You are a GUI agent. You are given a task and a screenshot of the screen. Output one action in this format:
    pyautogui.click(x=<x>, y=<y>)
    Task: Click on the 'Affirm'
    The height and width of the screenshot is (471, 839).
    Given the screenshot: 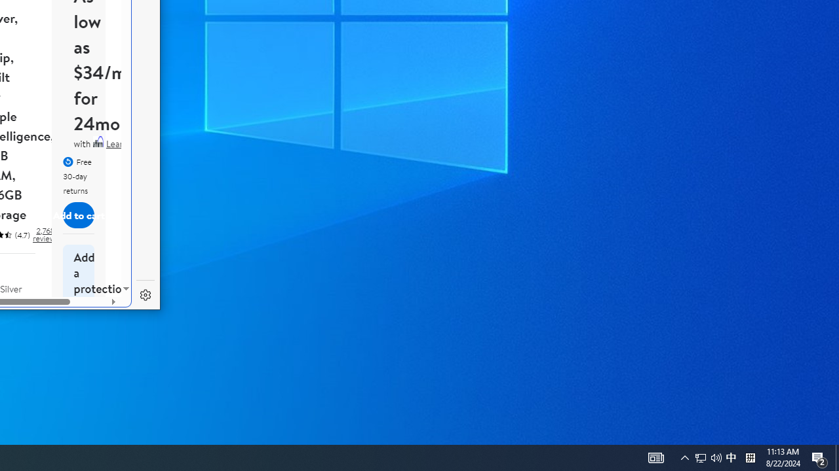 What is the action you would take?
    pyautogui.click(x=97, y=141)
    